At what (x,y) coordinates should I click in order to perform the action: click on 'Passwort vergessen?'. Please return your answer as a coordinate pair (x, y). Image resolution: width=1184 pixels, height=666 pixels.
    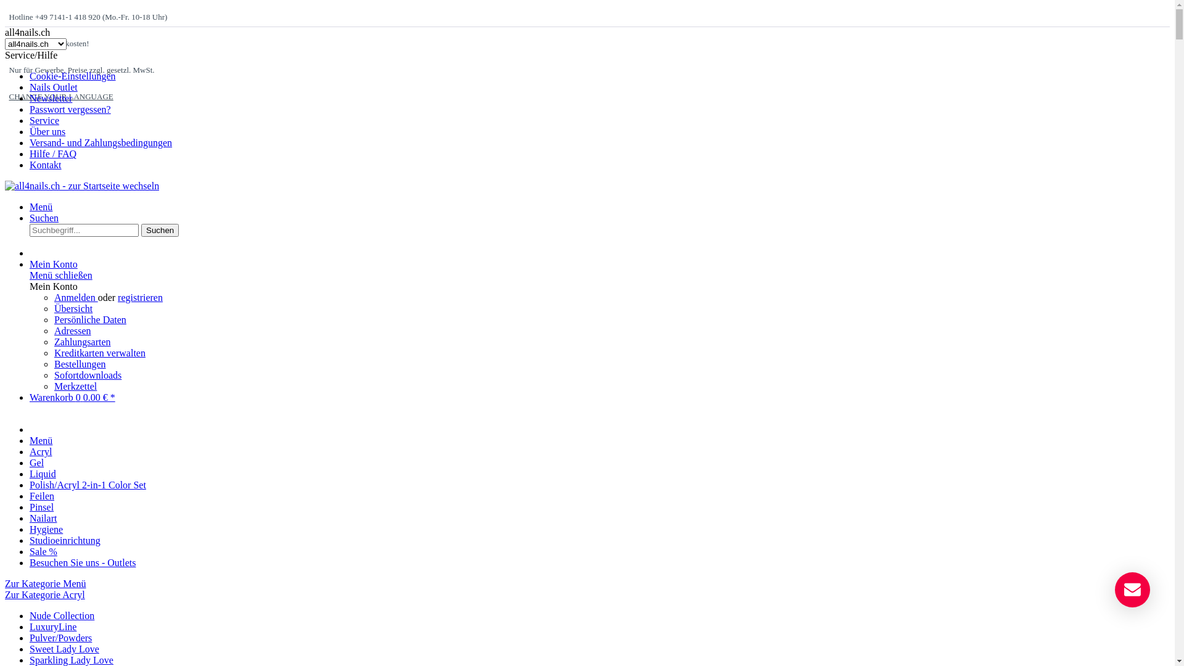
    Looking at the image, I should click on (70, 109).